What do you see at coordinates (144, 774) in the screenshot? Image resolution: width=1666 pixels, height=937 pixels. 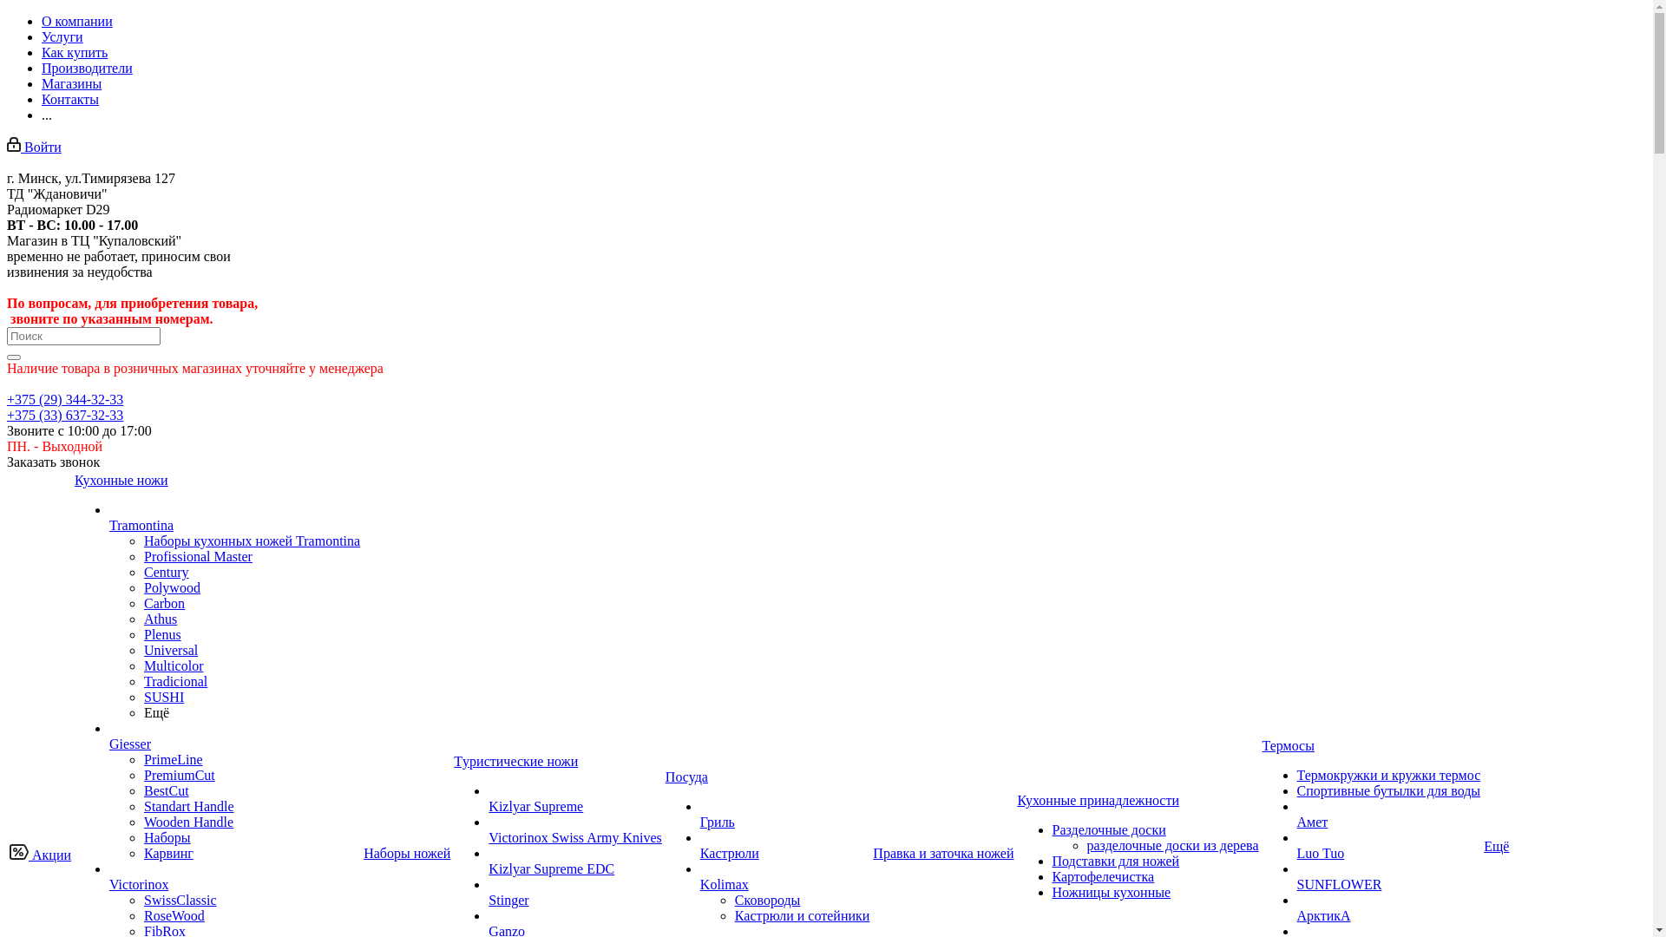 I see `'PremiumCut'` at bounding box center [144, 774].